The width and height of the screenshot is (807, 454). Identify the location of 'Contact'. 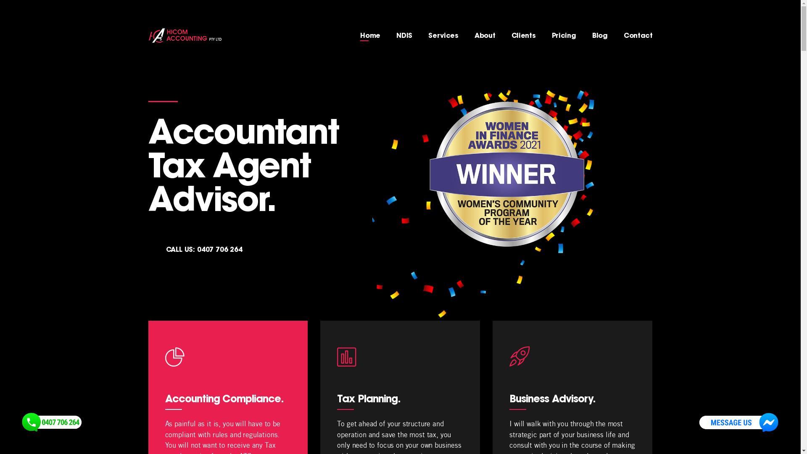
(638, 35).